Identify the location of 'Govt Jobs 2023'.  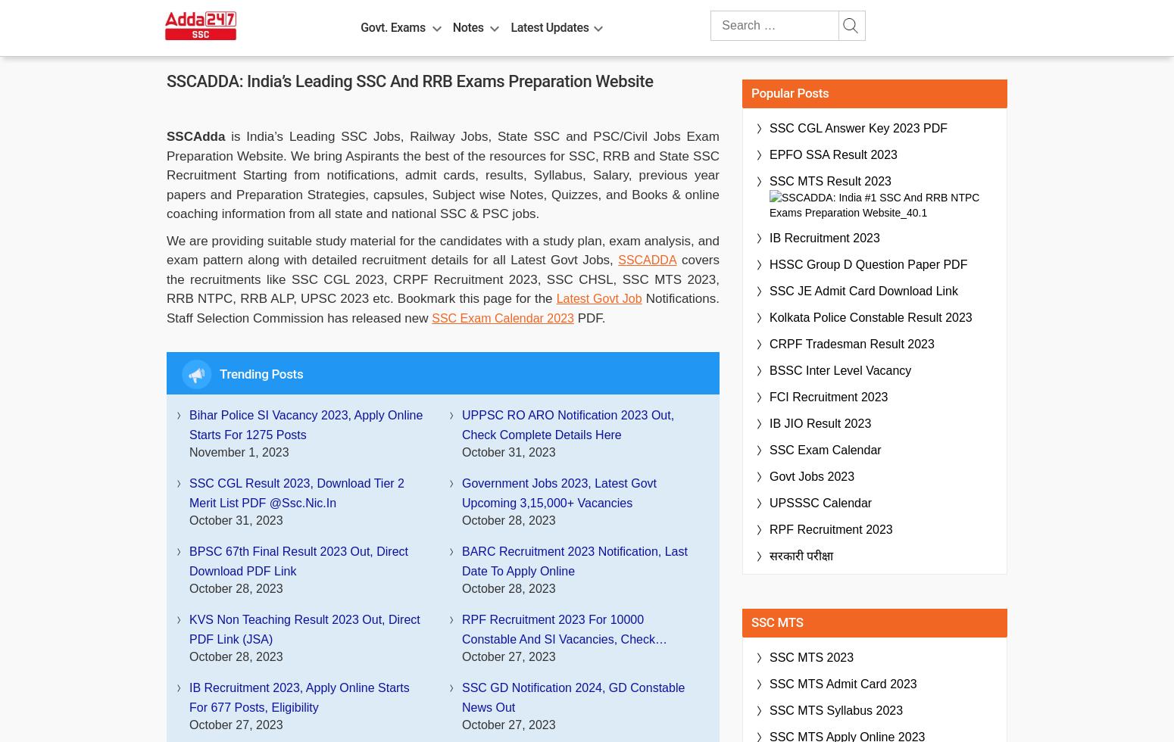
(770, 476).